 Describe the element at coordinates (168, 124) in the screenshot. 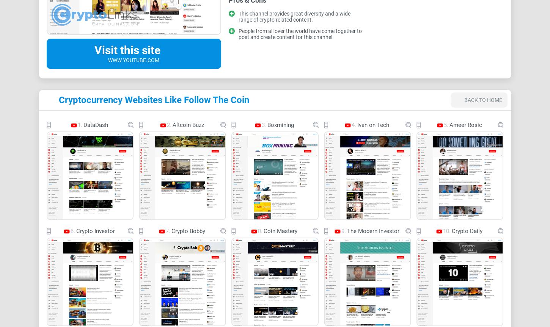

I see `'2.'` at that location.